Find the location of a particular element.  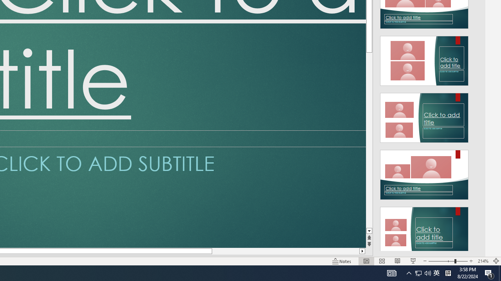

'Zoom' is located at coordinates (448, 261).